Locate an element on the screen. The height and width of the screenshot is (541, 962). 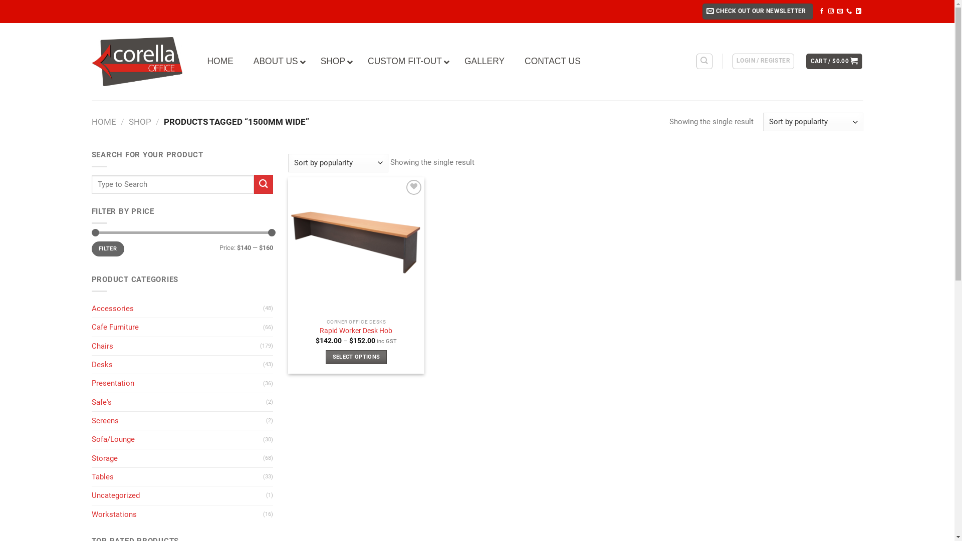
'Uncategorized' is located at coordinates (91, 494).